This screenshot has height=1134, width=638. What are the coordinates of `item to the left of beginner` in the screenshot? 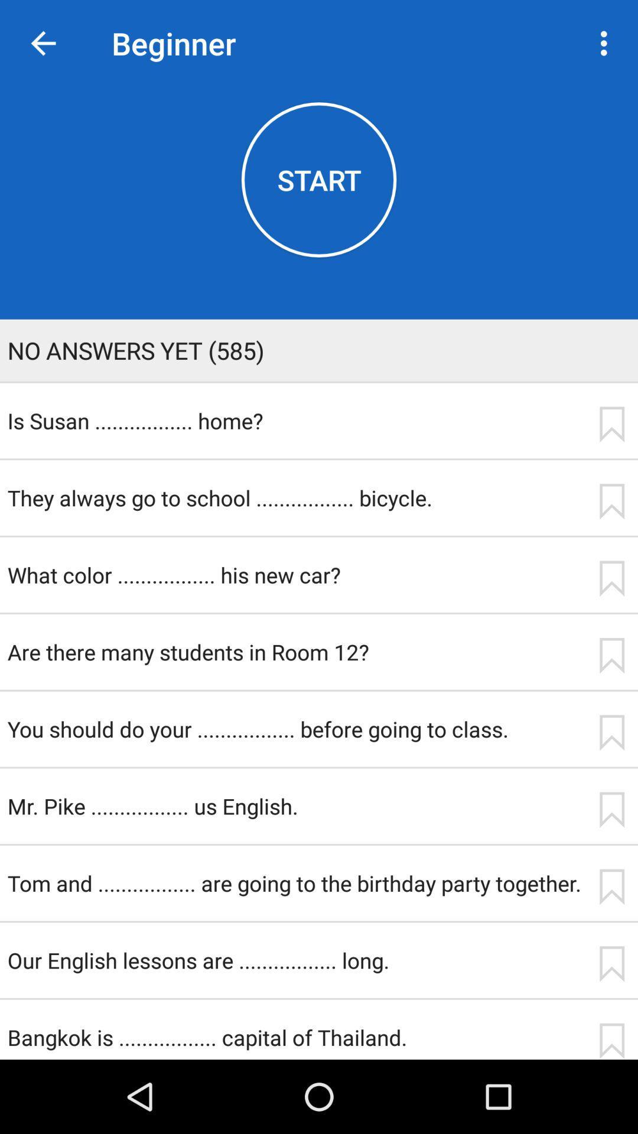 It's located at (43, 43).